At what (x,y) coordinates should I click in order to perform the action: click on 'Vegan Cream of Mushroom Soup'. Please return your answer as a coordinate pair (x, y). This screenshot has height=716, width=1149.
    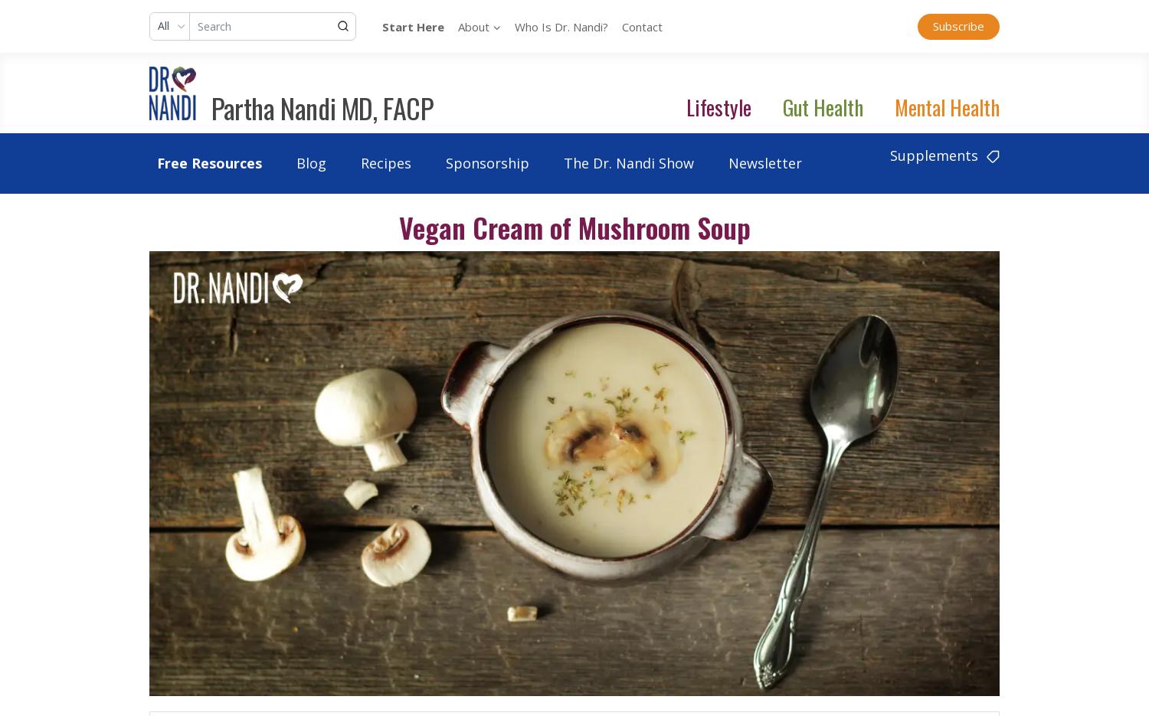
    Looking at the image, I should click on (573, 226).